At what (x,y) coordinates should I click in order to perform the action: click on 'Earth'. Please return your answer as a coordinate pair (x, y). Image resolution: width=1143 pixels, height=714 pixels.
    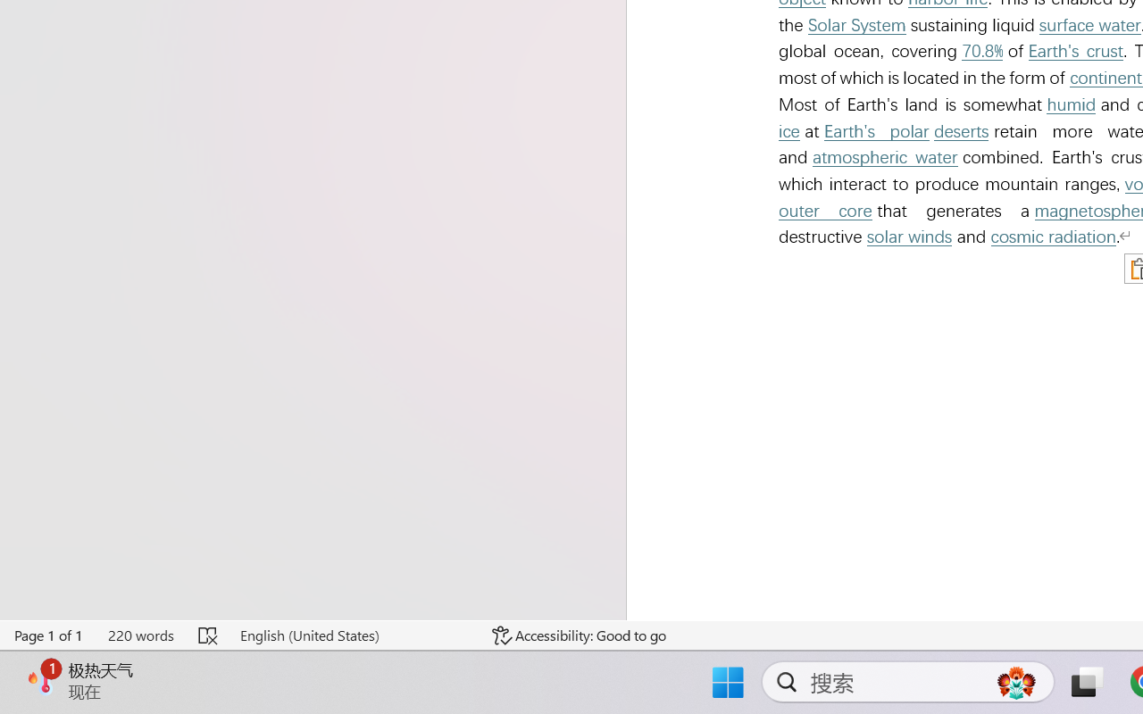
    Looking at the image, I should click on (1075, 50).